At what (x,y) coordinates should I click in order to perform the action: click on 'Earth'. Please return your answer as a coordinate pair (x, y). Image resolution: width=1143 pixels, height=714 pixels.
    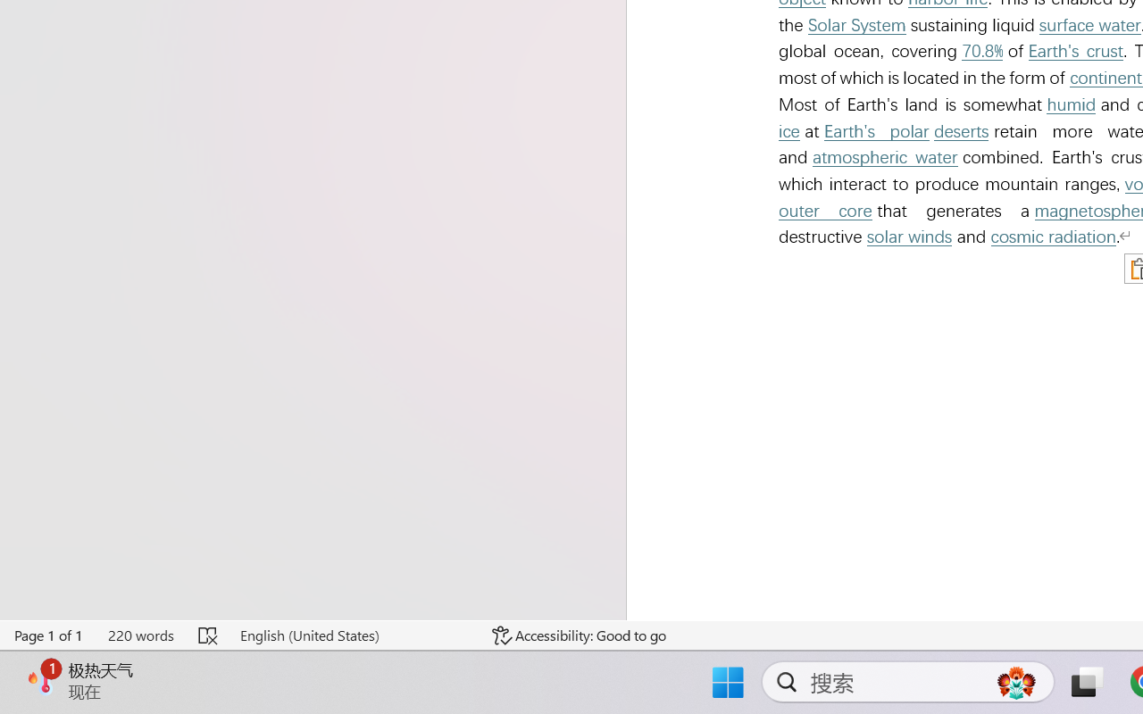
    Looking at the image, I should click on (1075, 50).